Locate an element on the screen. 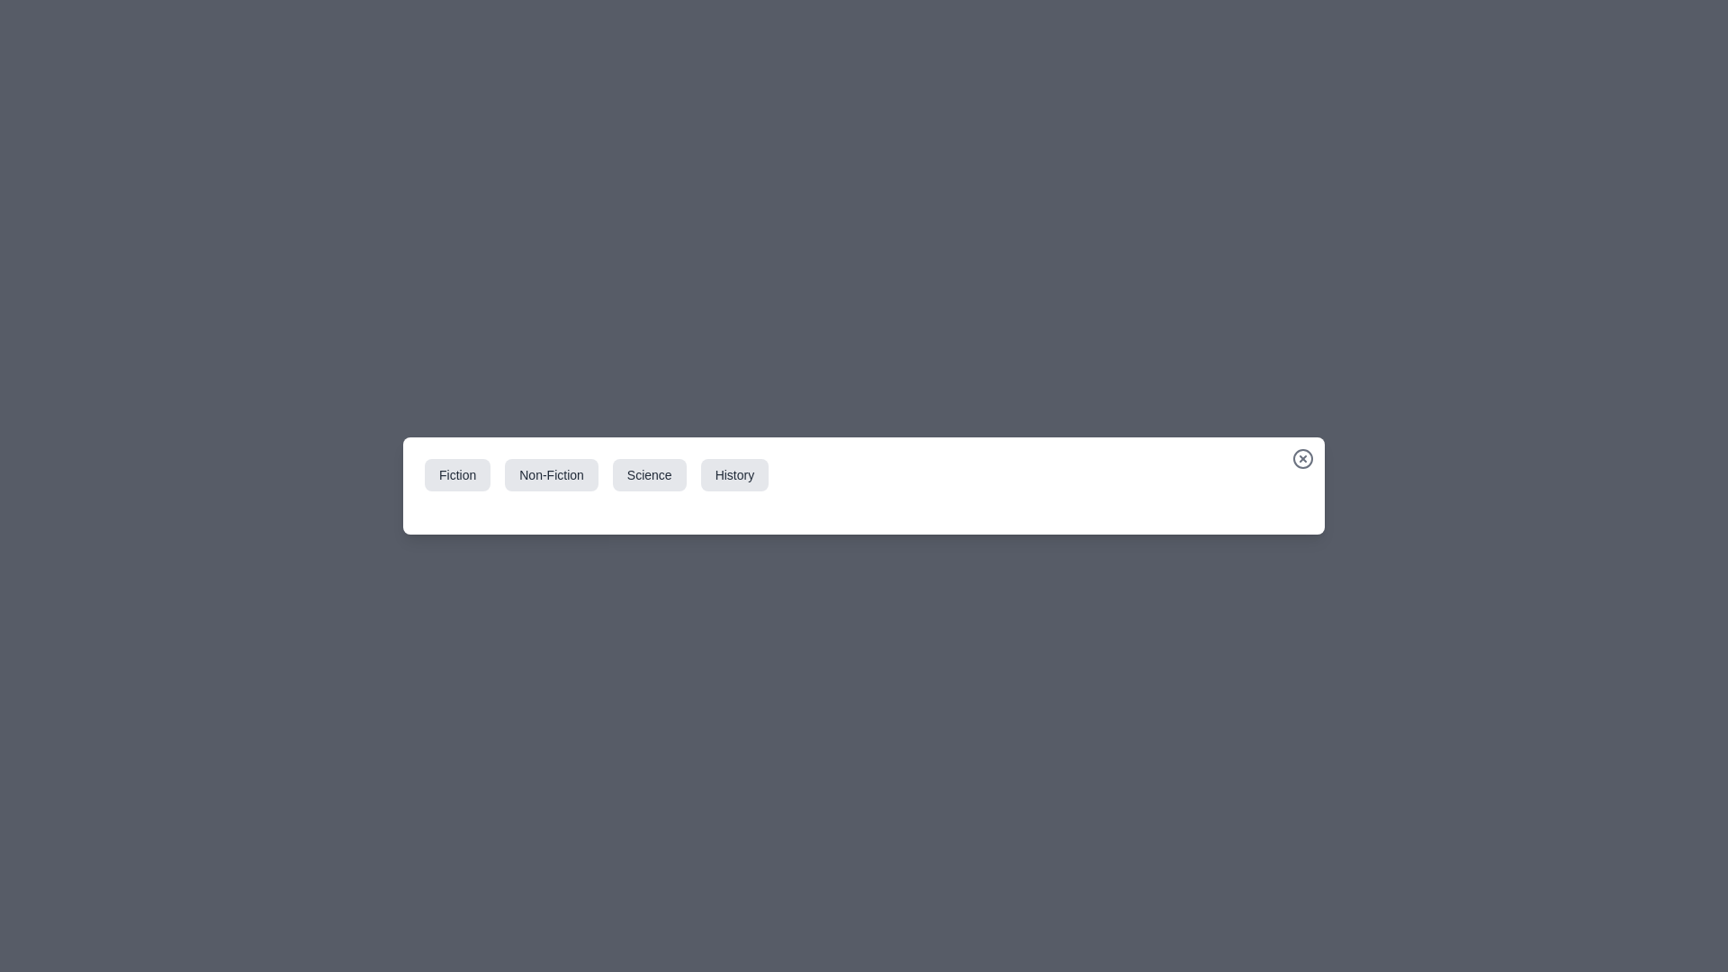  the category tab labeled Fiction is located at coordinates (457, 474).